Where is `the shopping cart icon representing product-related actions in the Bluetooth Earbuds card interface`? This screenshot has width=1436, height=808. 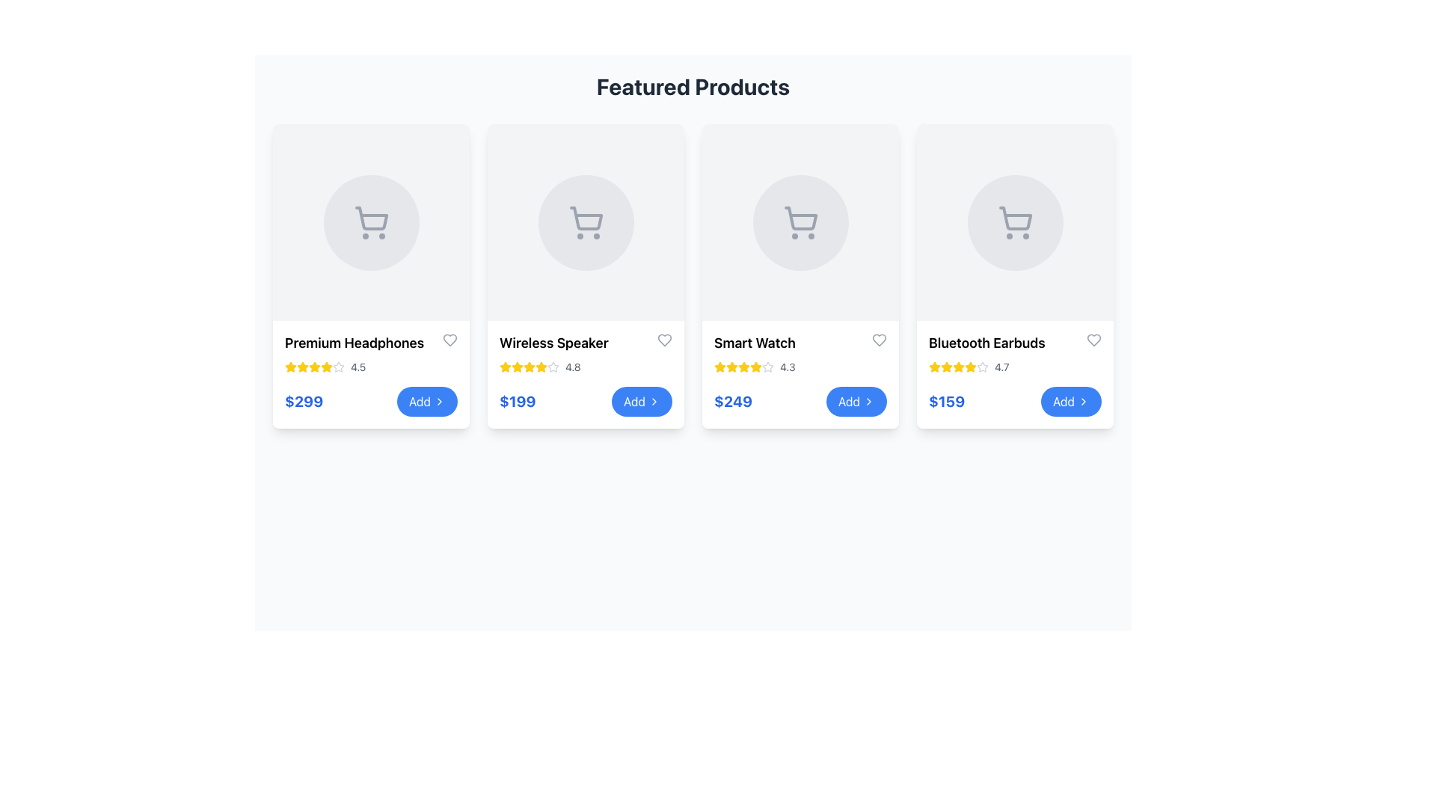 the shopping cart icon representing product-related actions in the Bluetooth Earbuds card interface is located at coordinates (1015, 222).